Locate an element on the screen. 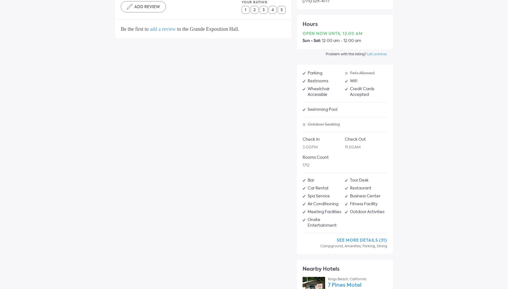  'Air Conditioning' is located at coordinates (323, 204).